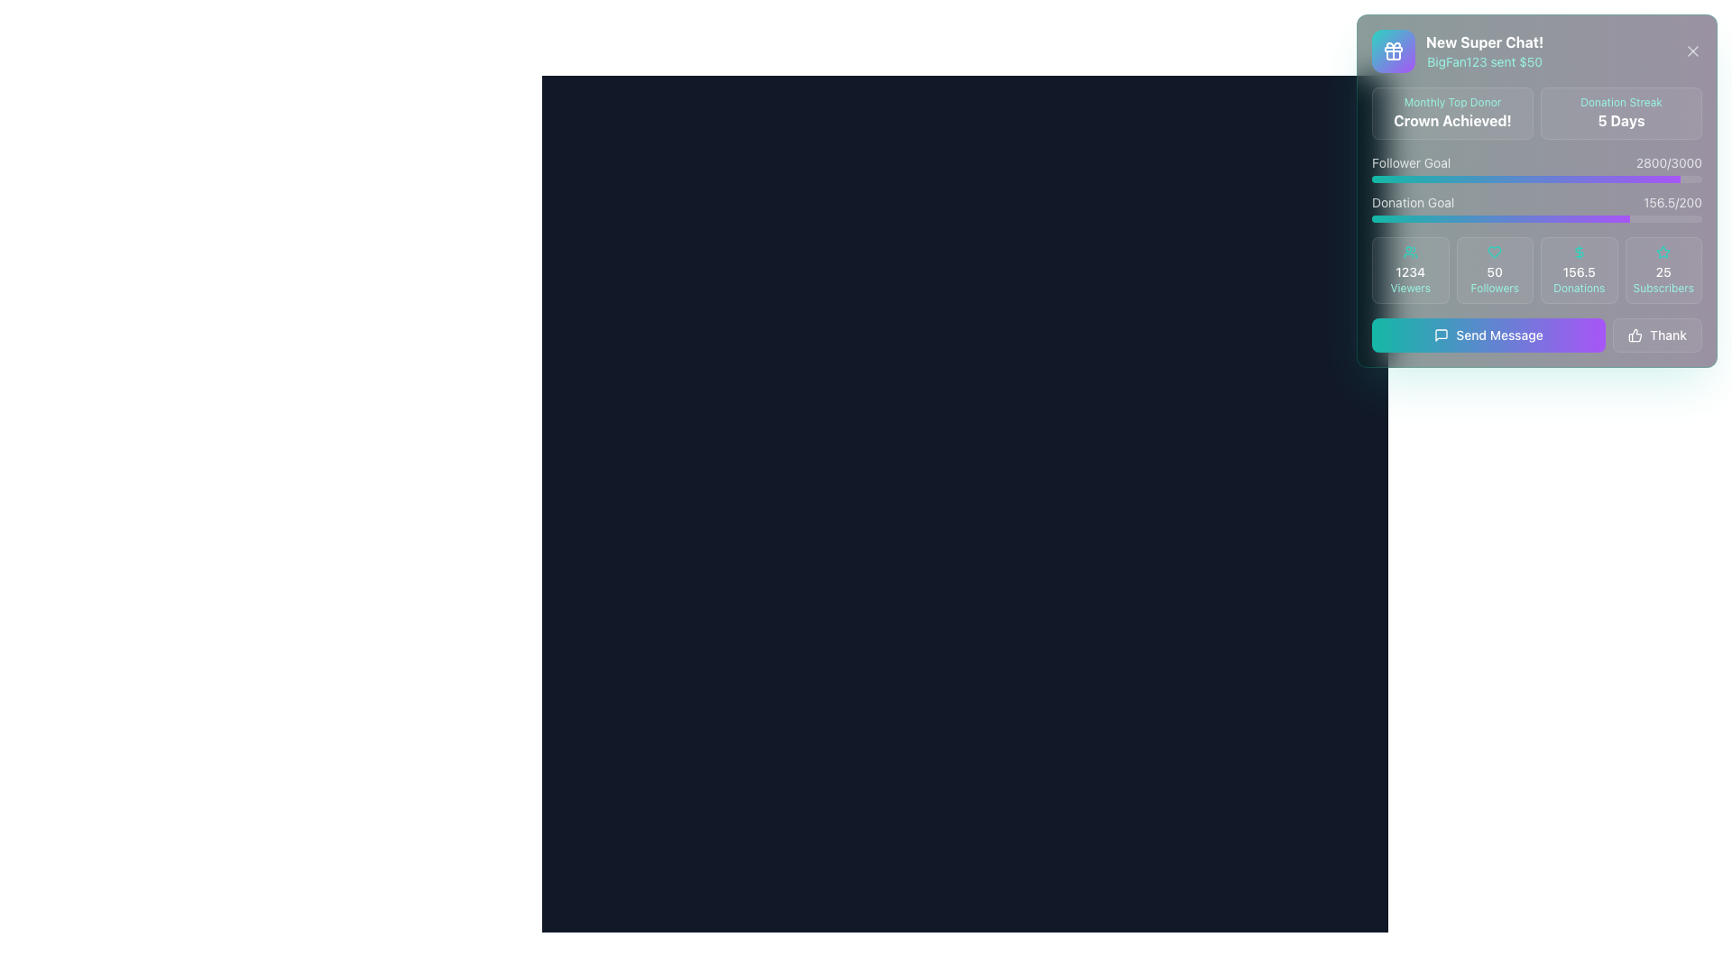 This screenshot has width=1732, height=974. I want to click on the Informational card that displays the current number of viewers, located at the top-left of the grid layout, so click(1409, 271).